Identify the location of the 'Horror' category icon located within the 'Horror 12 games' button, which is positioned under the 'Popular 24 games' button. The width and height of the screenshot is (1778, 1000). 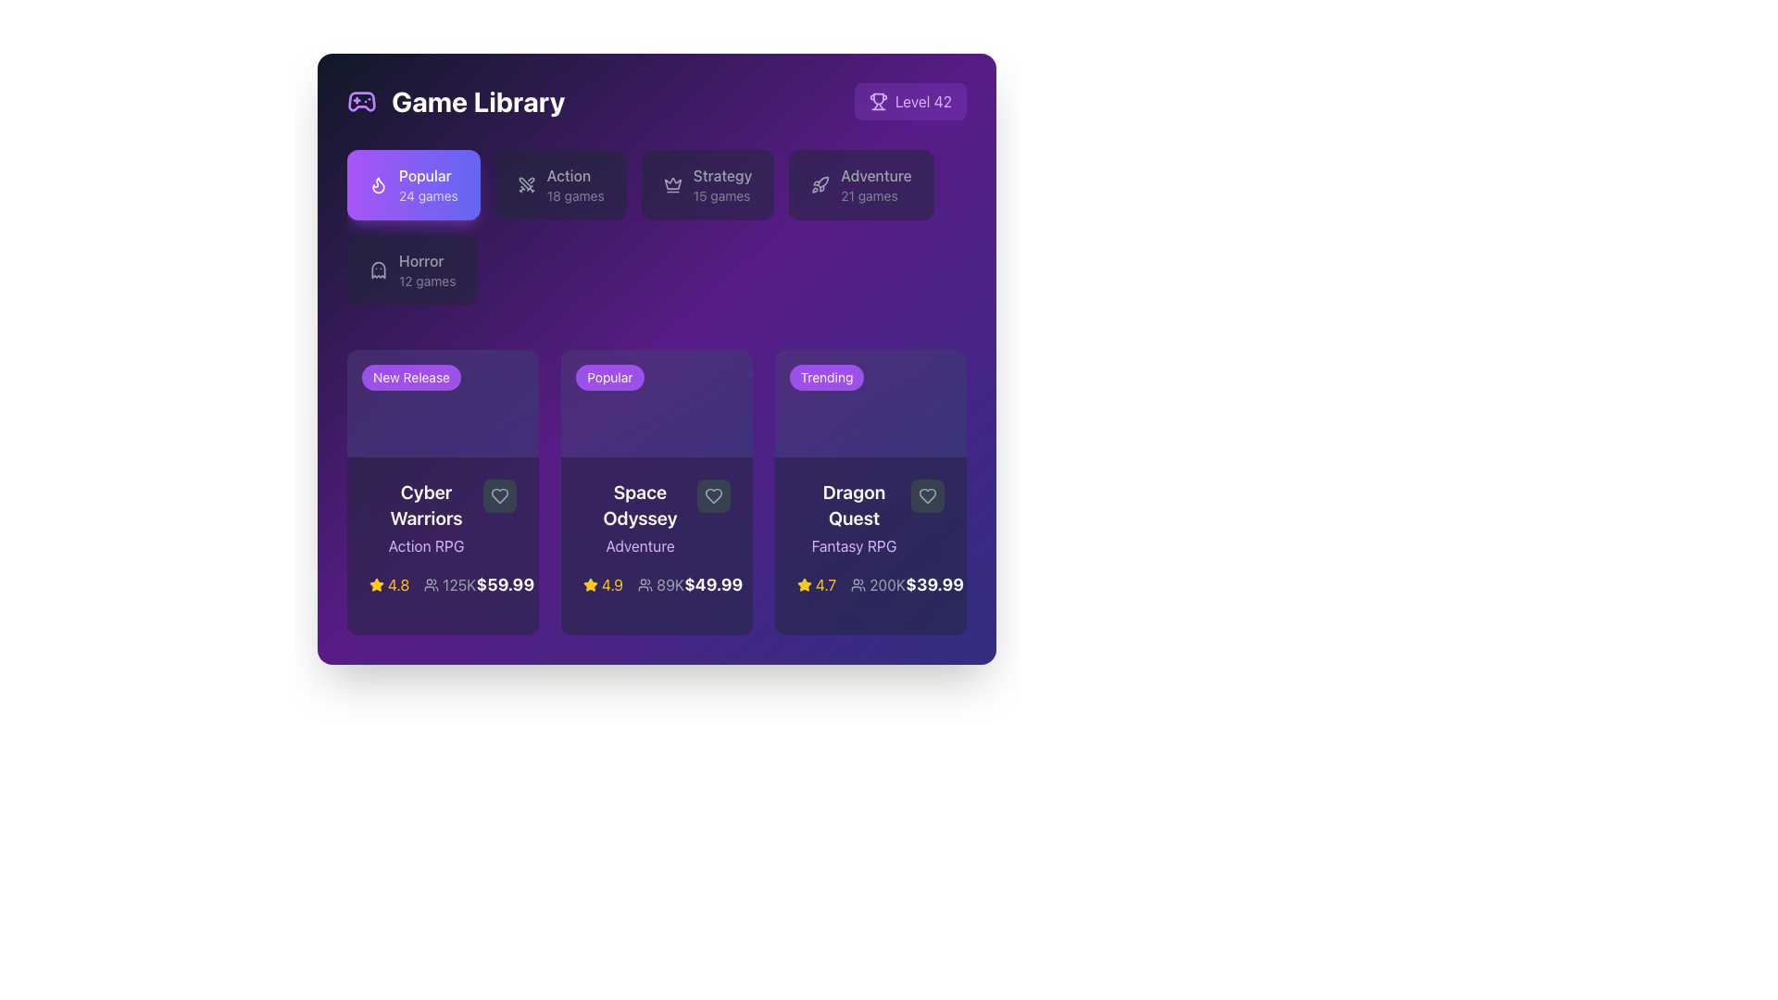
(377, 270).